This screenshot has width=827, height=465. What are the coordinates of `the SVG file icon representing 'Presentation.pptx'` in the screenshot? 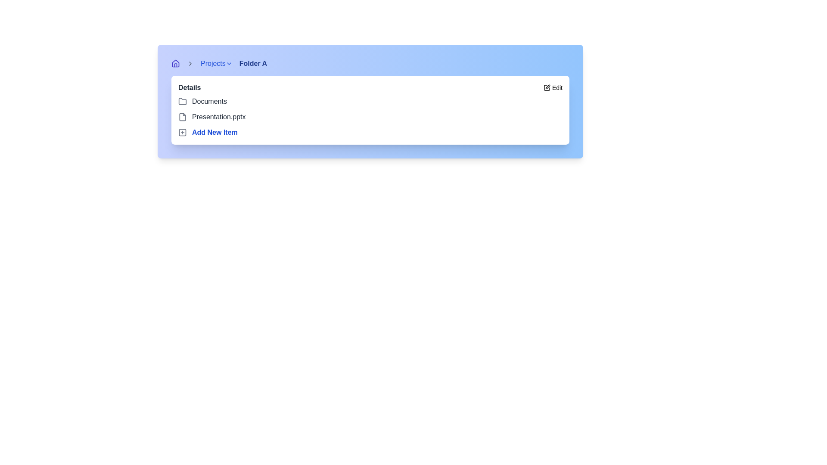 It's located at (182, 117).